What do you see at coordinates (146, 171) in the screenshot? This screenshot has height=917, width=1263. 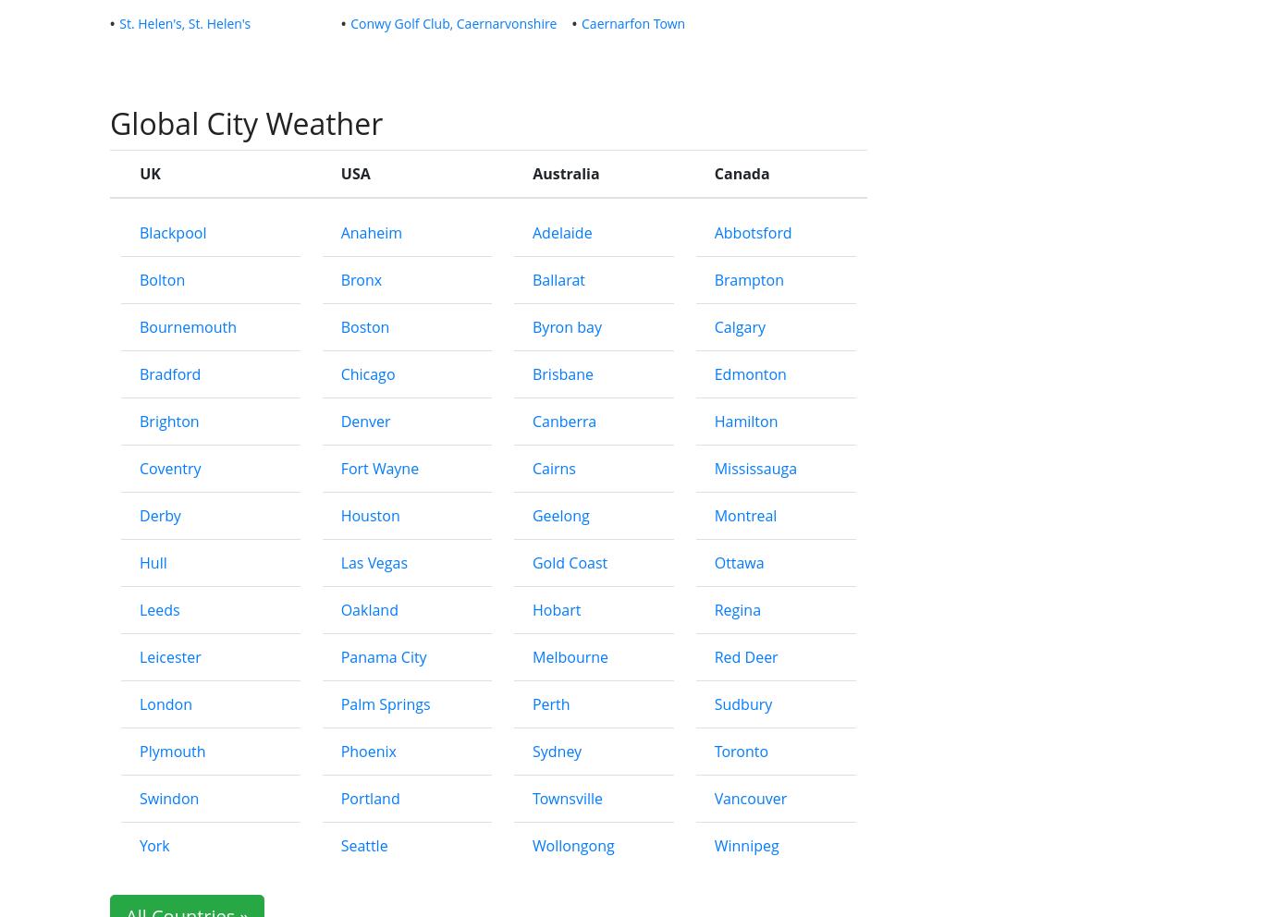 I see `'UK'` at bounding box center [146, 171].